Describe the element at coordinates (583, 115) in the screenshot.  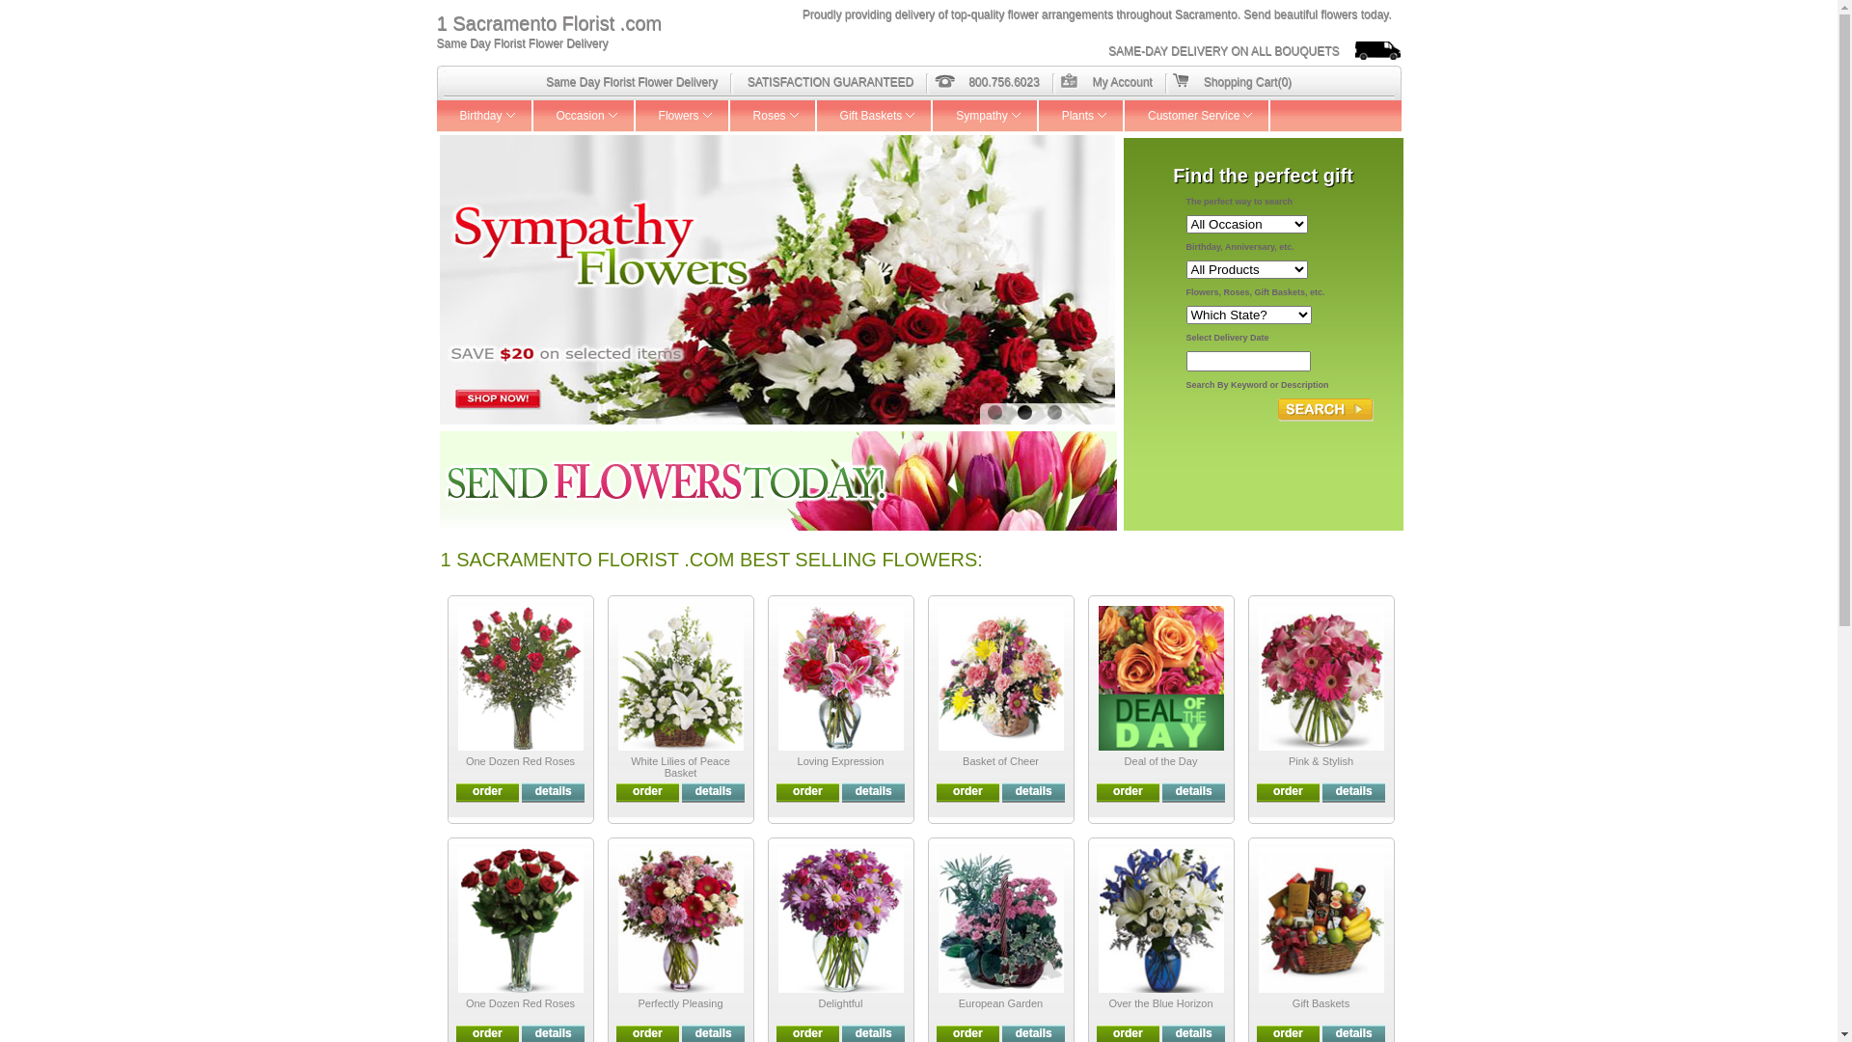
I see `'Occasion'` at that location.